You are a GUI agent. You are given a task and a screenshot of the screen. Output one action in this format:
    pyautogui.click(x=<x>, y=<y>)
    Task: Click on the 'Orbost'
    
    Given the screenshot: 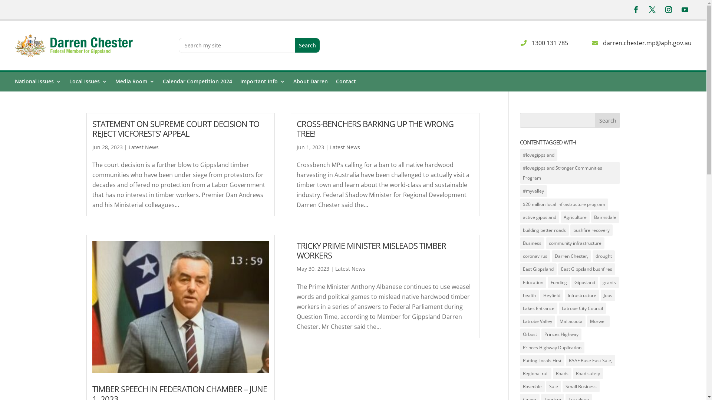 What is the action you would take?
    pyautogui.click(x=530, y=334)
    